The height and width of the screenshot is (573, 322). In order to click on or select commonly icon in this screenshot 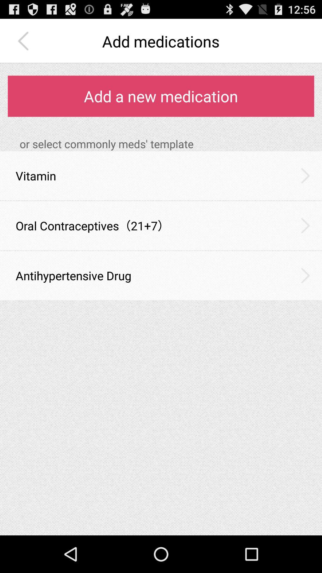, I will do `click(167, 144)`.